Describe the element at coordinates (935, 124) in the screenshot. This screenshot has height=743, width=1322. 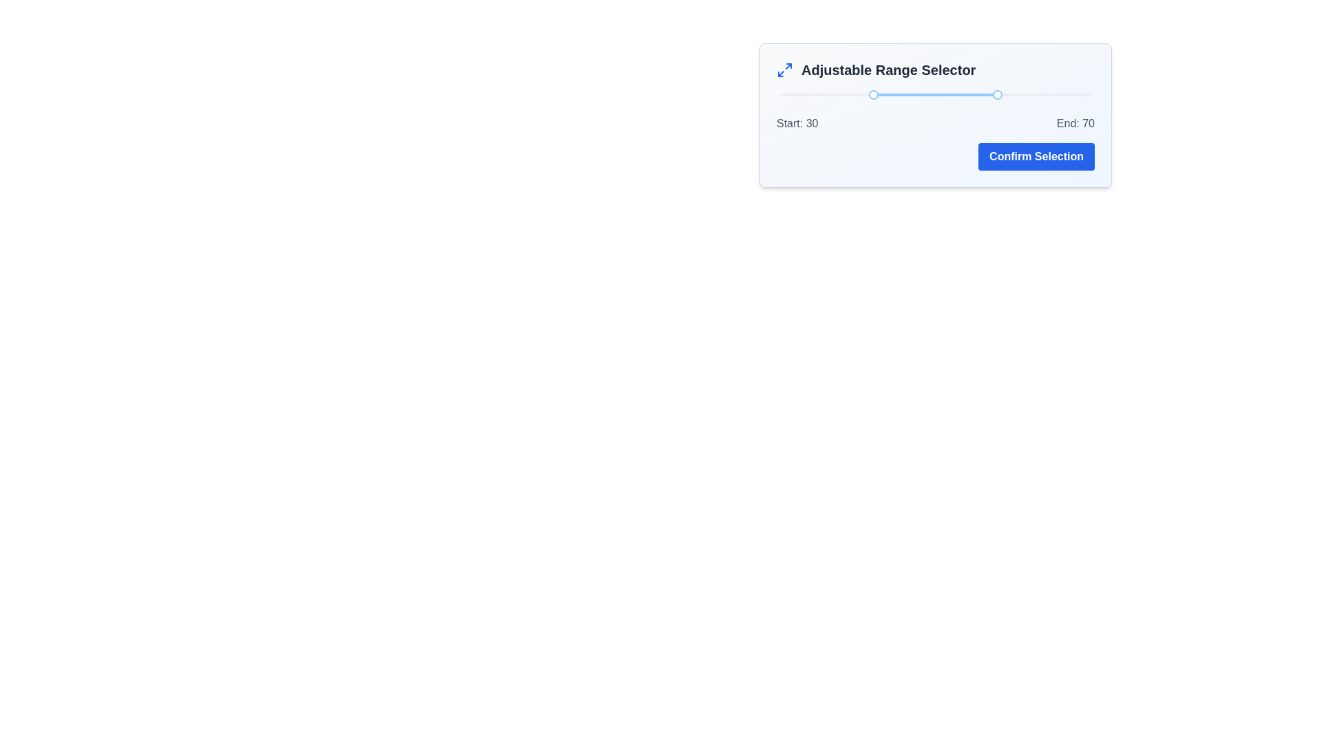
I see `the Text Display element that shows 'Start: 30' on the left and 'End: 70' on the right, which is styled with a subtle gray font color and is located below the range slider component` at that location.